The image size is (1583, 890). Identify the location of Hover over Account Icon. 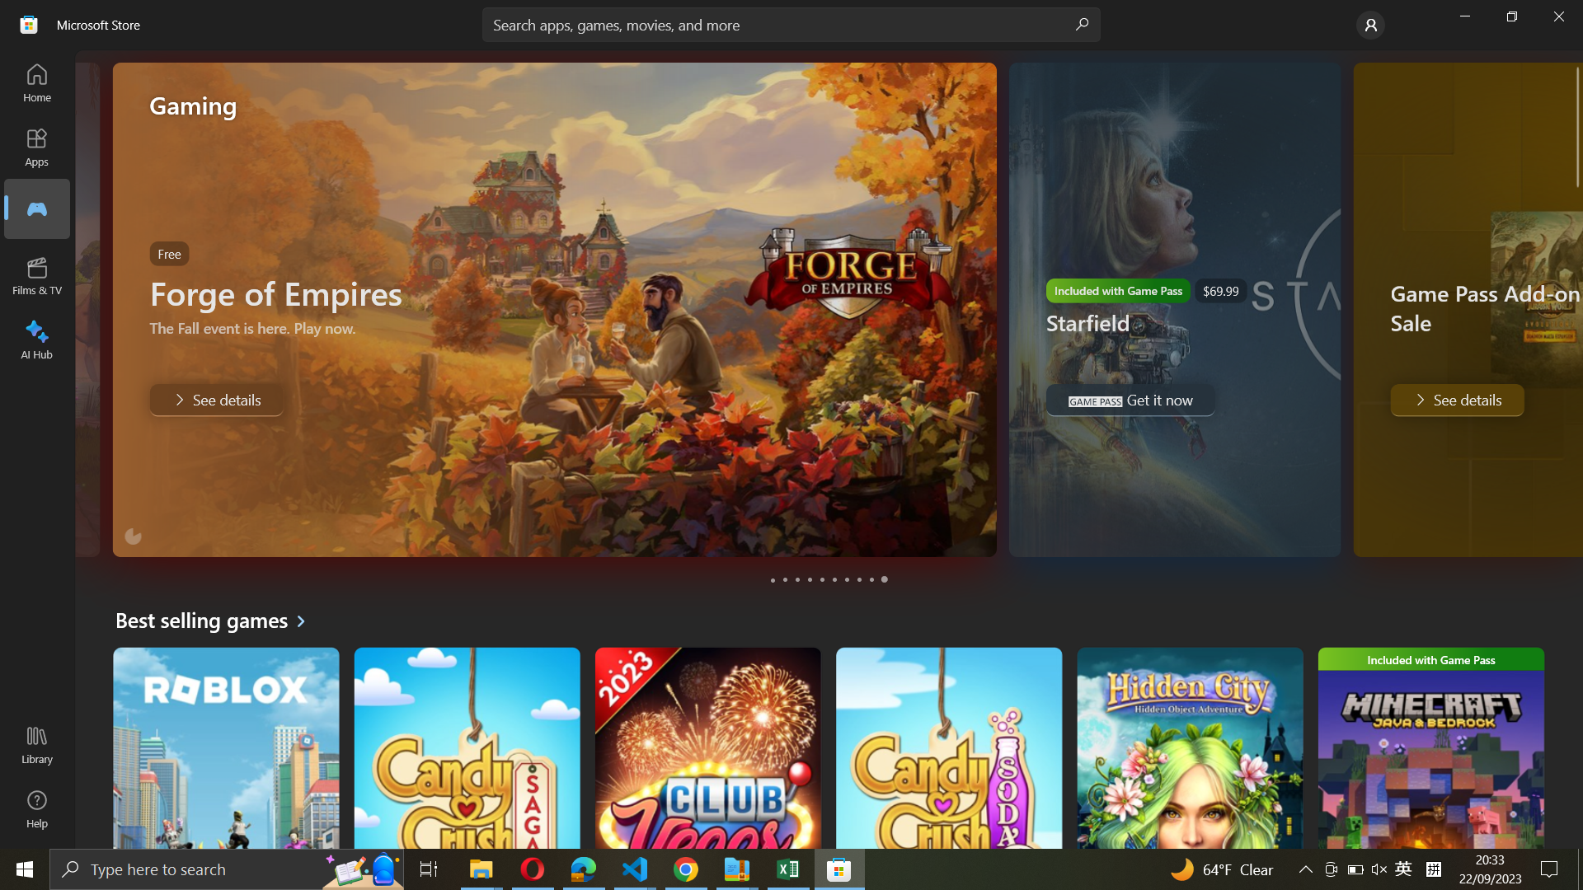
(2629363, 26700).